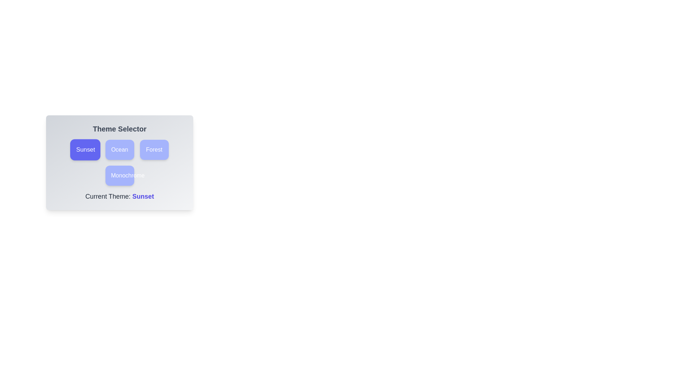 This screenshot has height=388, width=691. Describe the element at coordinates (154, 149) in the screenshot. I see `the theme button labeled Forest` at that location.